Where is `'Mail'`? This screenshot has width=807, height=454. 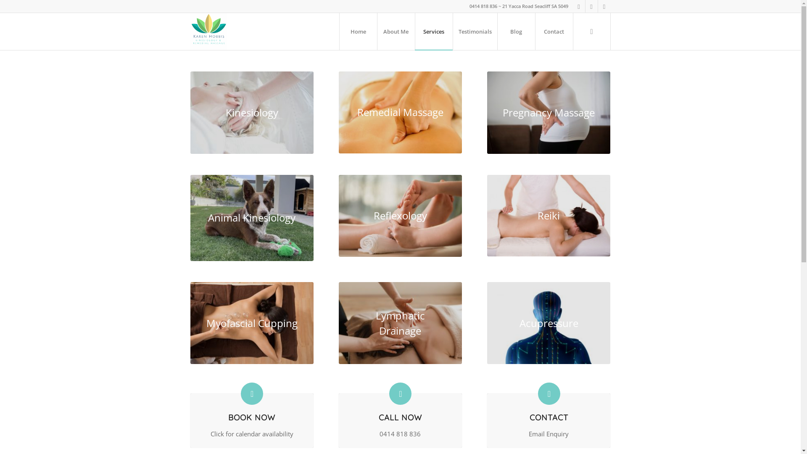 'Mail' is located at coordinates (603, 6).